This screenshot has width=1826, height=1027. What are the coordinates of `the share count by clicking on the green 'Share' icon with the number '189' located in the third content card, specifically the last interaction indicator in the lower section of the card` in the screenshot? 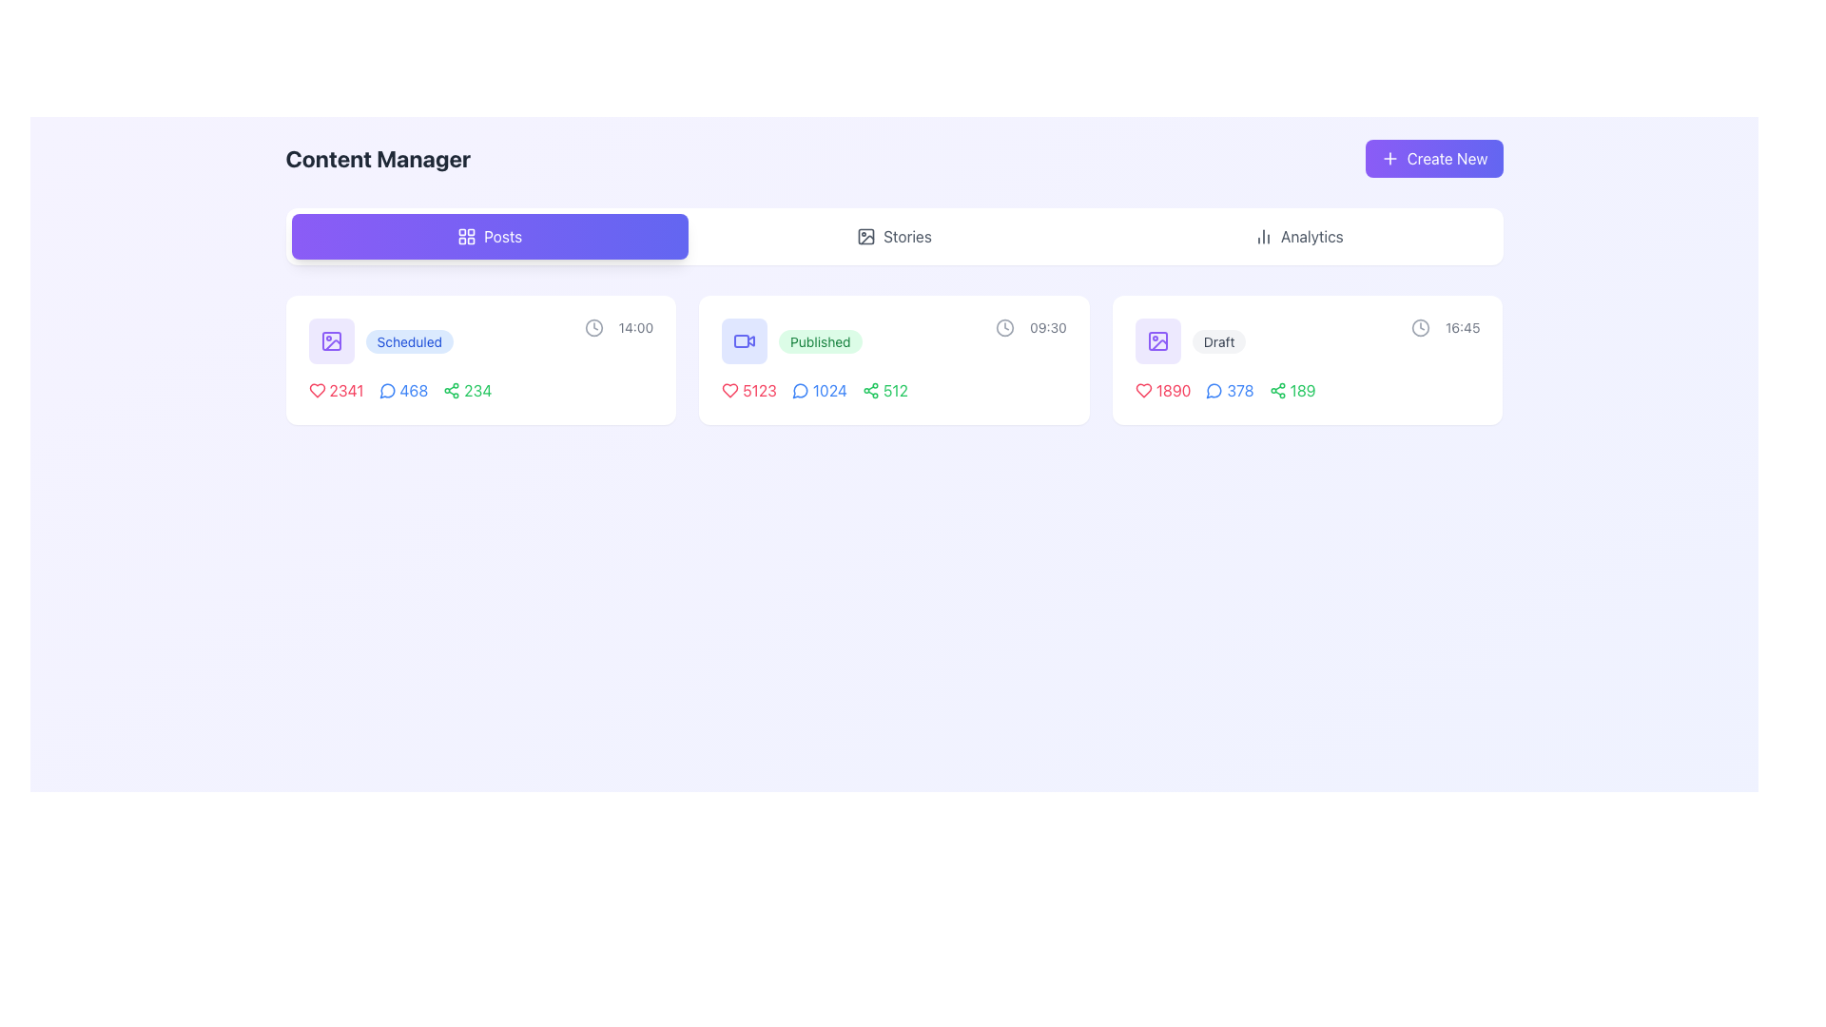 It's located at (1292, 390).